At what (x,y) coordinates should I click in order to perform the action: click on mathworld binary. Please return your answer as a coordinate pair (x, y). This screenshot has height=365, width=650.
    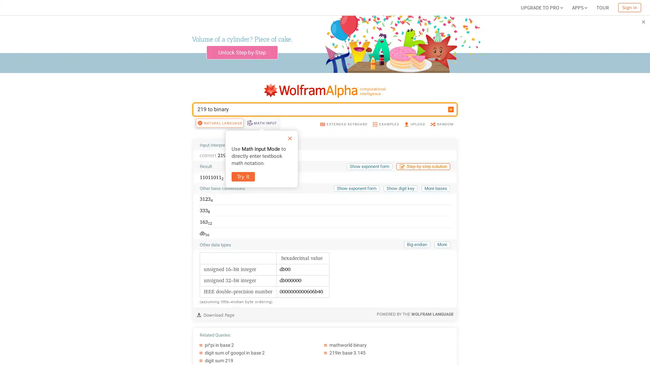
    Looking at the image, I should click on (382, 358).